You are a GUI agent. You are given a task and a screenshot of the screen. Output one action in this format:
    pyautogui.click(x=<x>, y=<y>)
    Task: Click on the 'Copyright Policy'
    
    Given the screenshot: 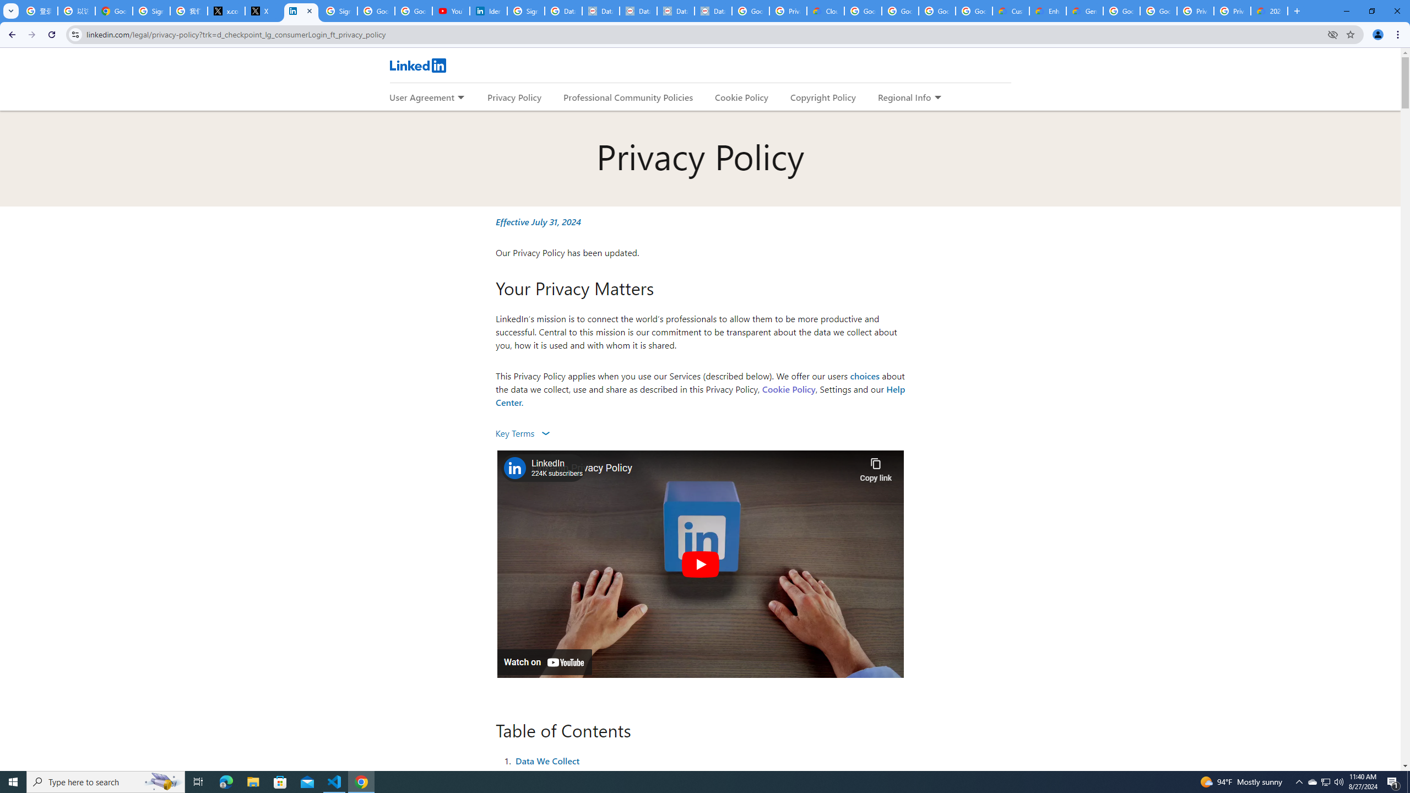 What is the action you would take?
    pyautogui.click(x=822, y=97)
    